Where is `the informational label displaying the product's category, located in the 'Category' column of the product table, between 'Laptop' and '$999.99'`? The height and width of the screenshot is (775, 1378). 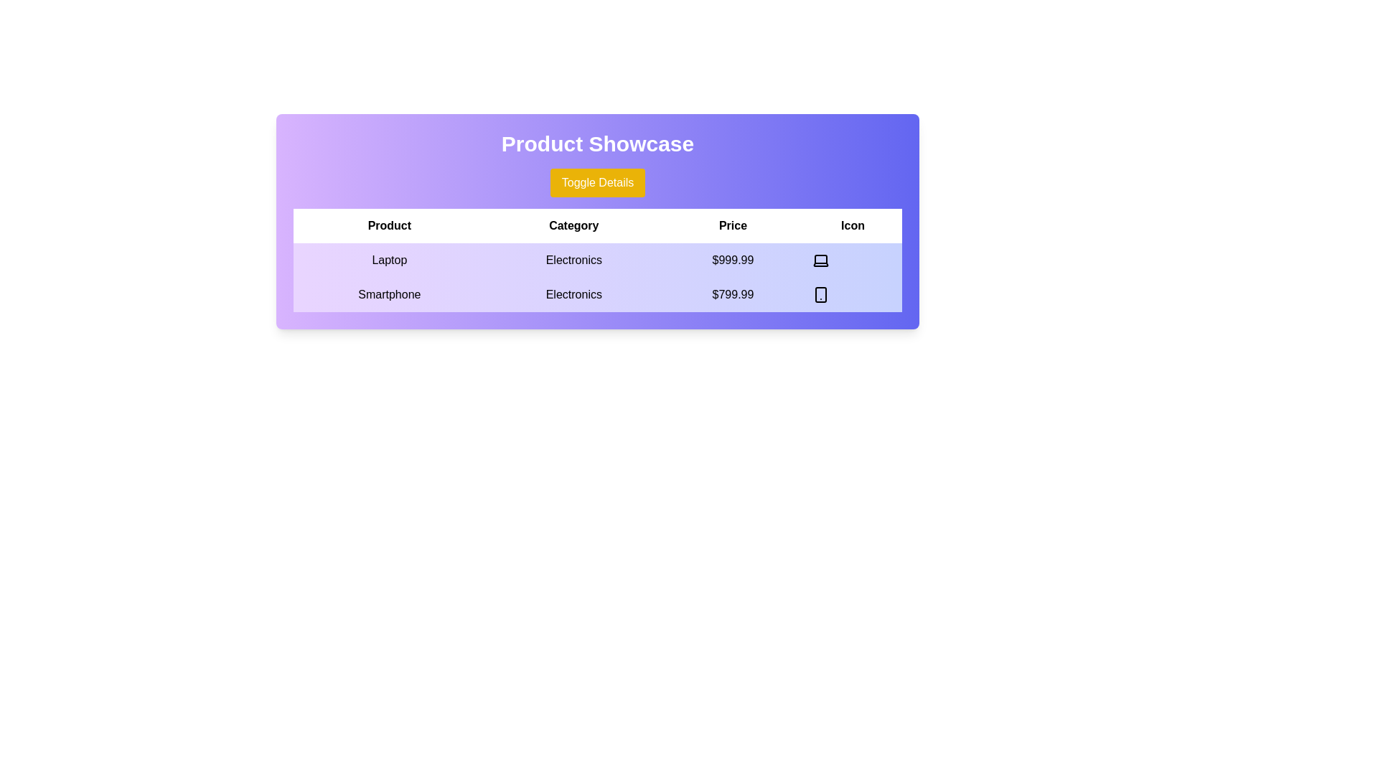
the informational label displaying the product's category, located in the 'Category' column of the product table, between 'Laptop' and '$999.99' is located at coordinates (573, 260).